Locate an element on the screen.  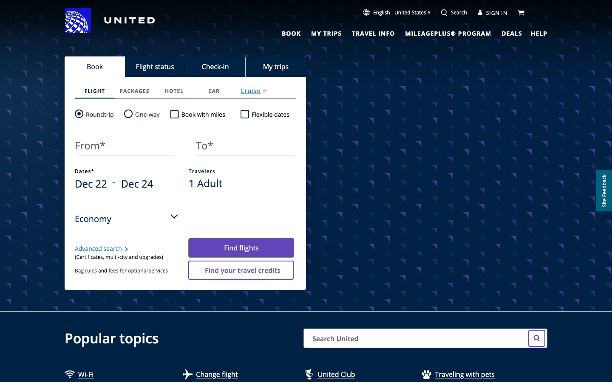
Look up Taiwan Flight Tickets is located at coordinates (538, 339).